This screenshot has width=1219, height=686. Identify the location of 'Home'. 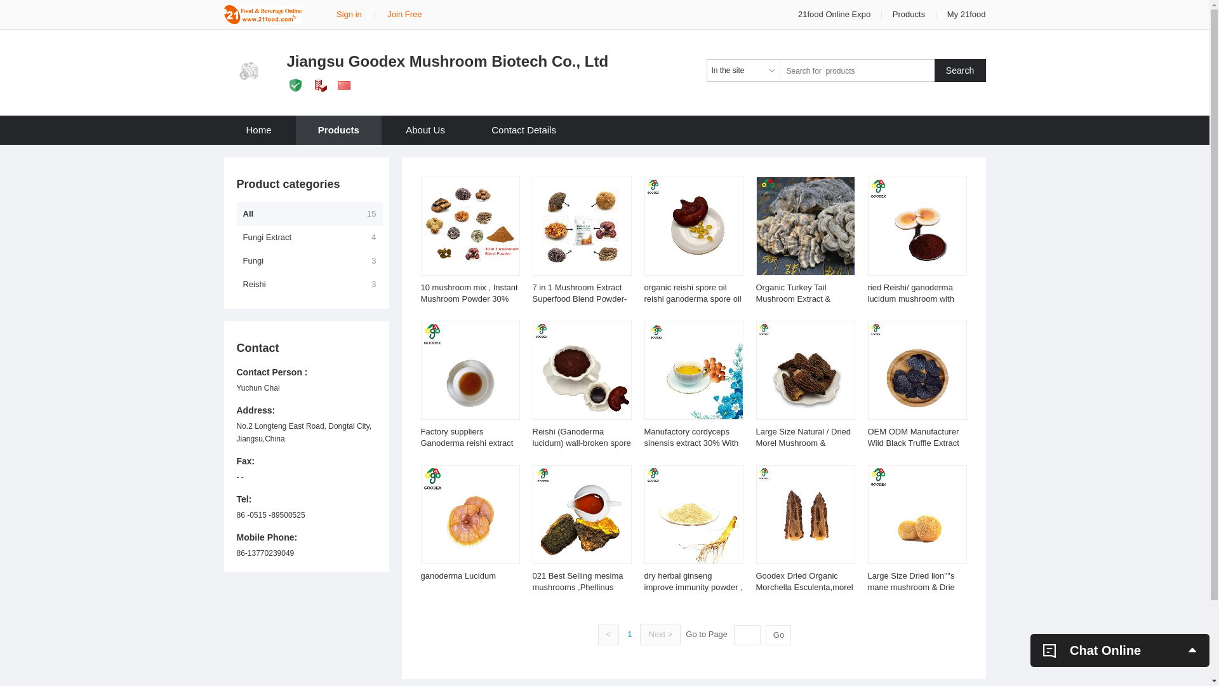
(258, 130).